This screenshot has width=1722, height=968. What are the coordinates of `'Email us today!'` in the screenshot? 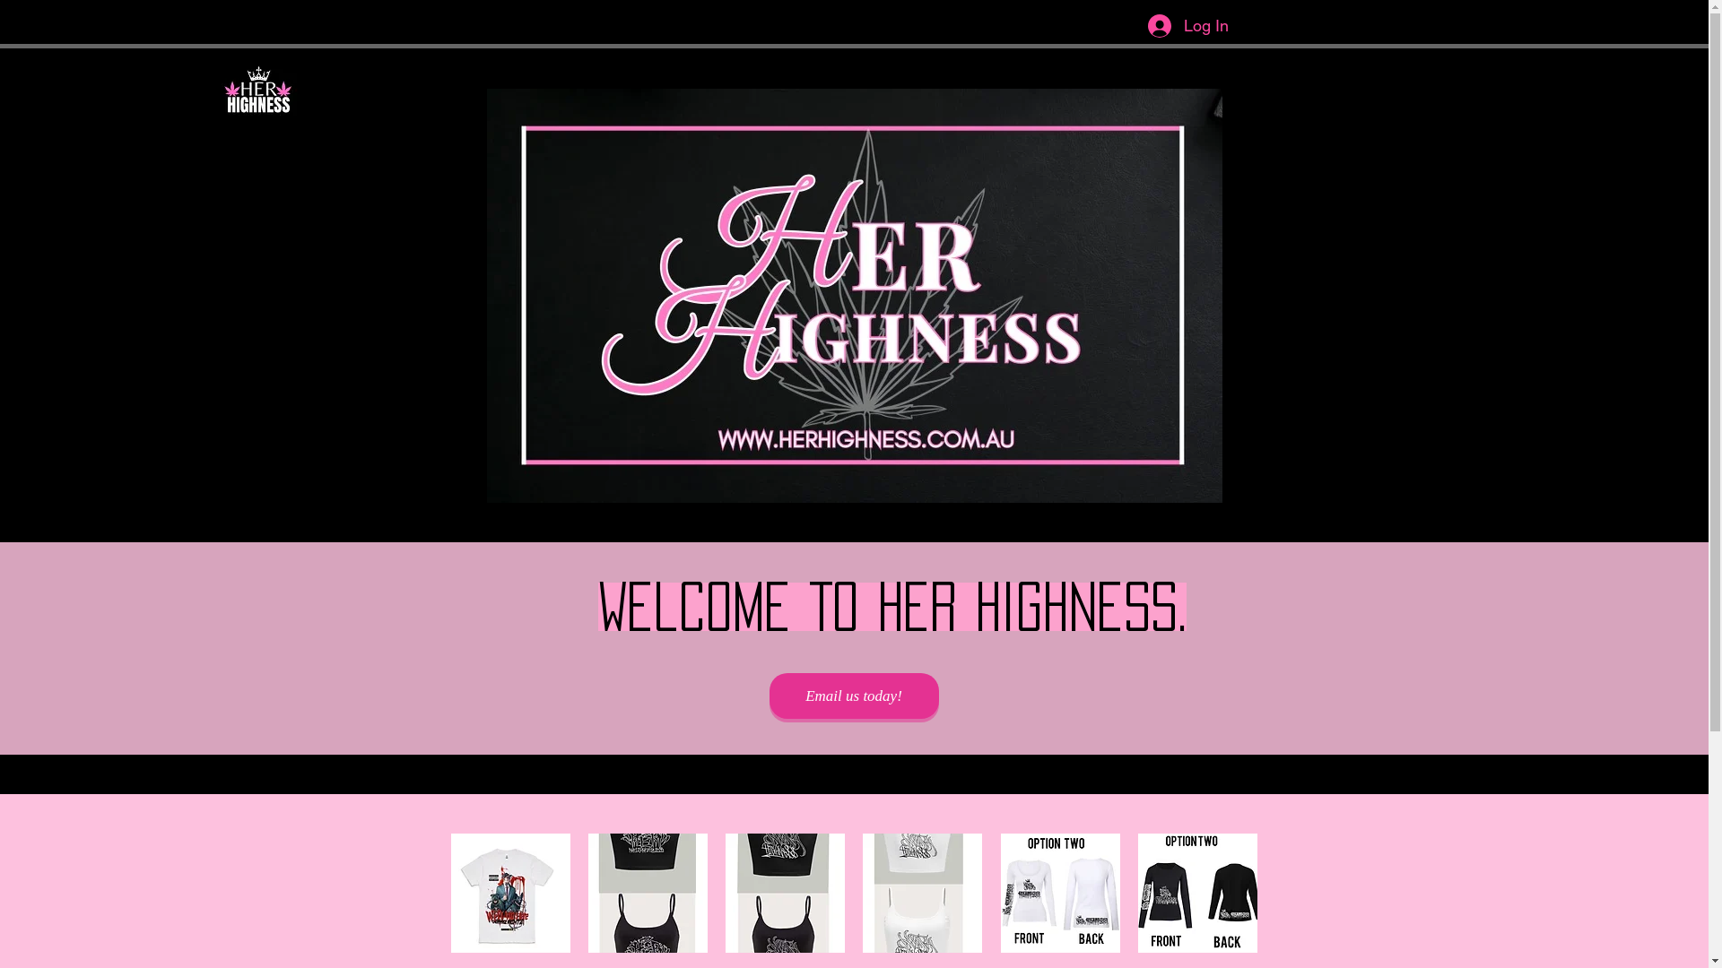 It's located at (770, 695).